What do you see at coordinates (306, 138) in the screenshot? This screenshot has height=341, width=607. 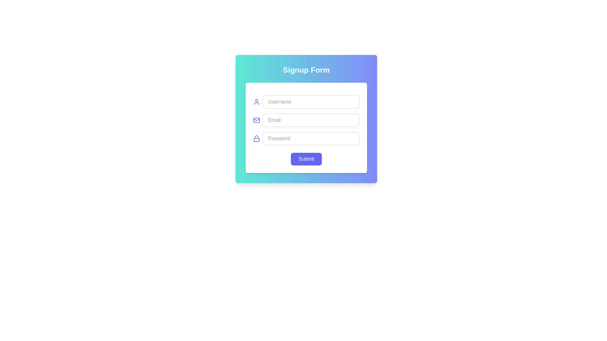 I see `the Password input field, which is the fourth input in the 'Signup Form' card, to focus it` at bounding box center [306, 138].